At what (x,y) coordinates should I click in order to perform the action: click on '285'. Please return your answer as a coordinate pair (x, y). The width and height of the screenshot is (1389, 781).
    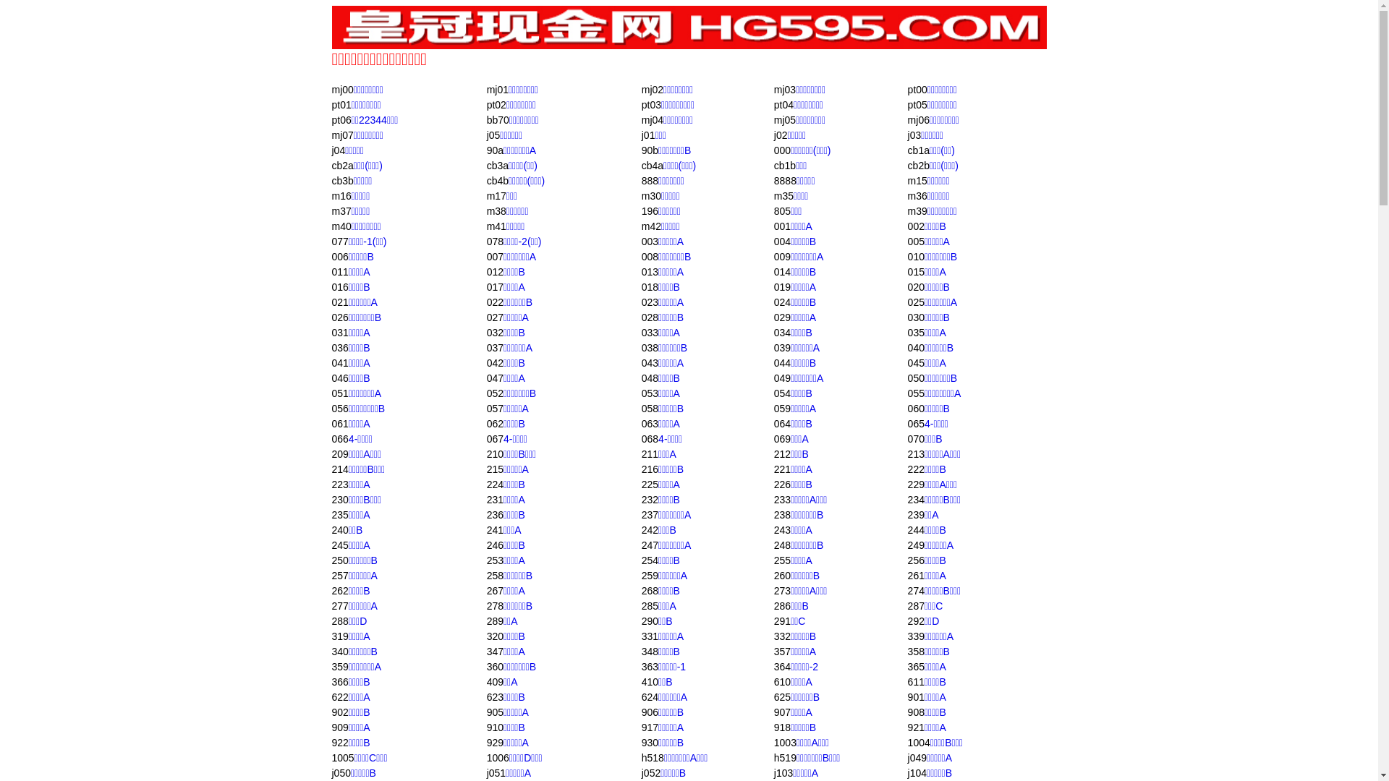
    Looking at the image, I should click on (649, 605).